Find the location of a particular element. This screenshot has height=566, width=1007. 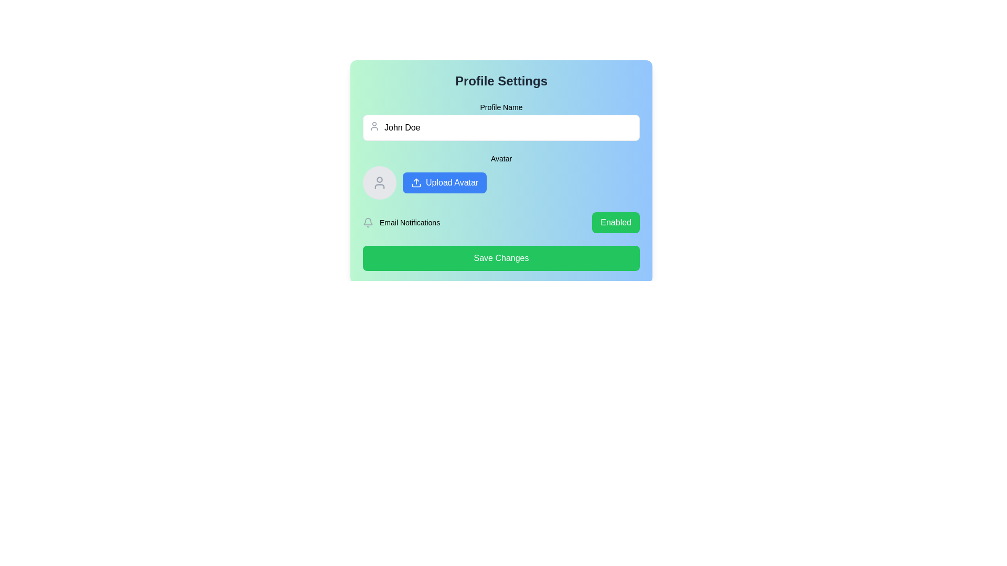

the toggle button for email notifications to change its state from 'Enabled' to 'Disabled' or vice versa is located at coordinates (616, 222).